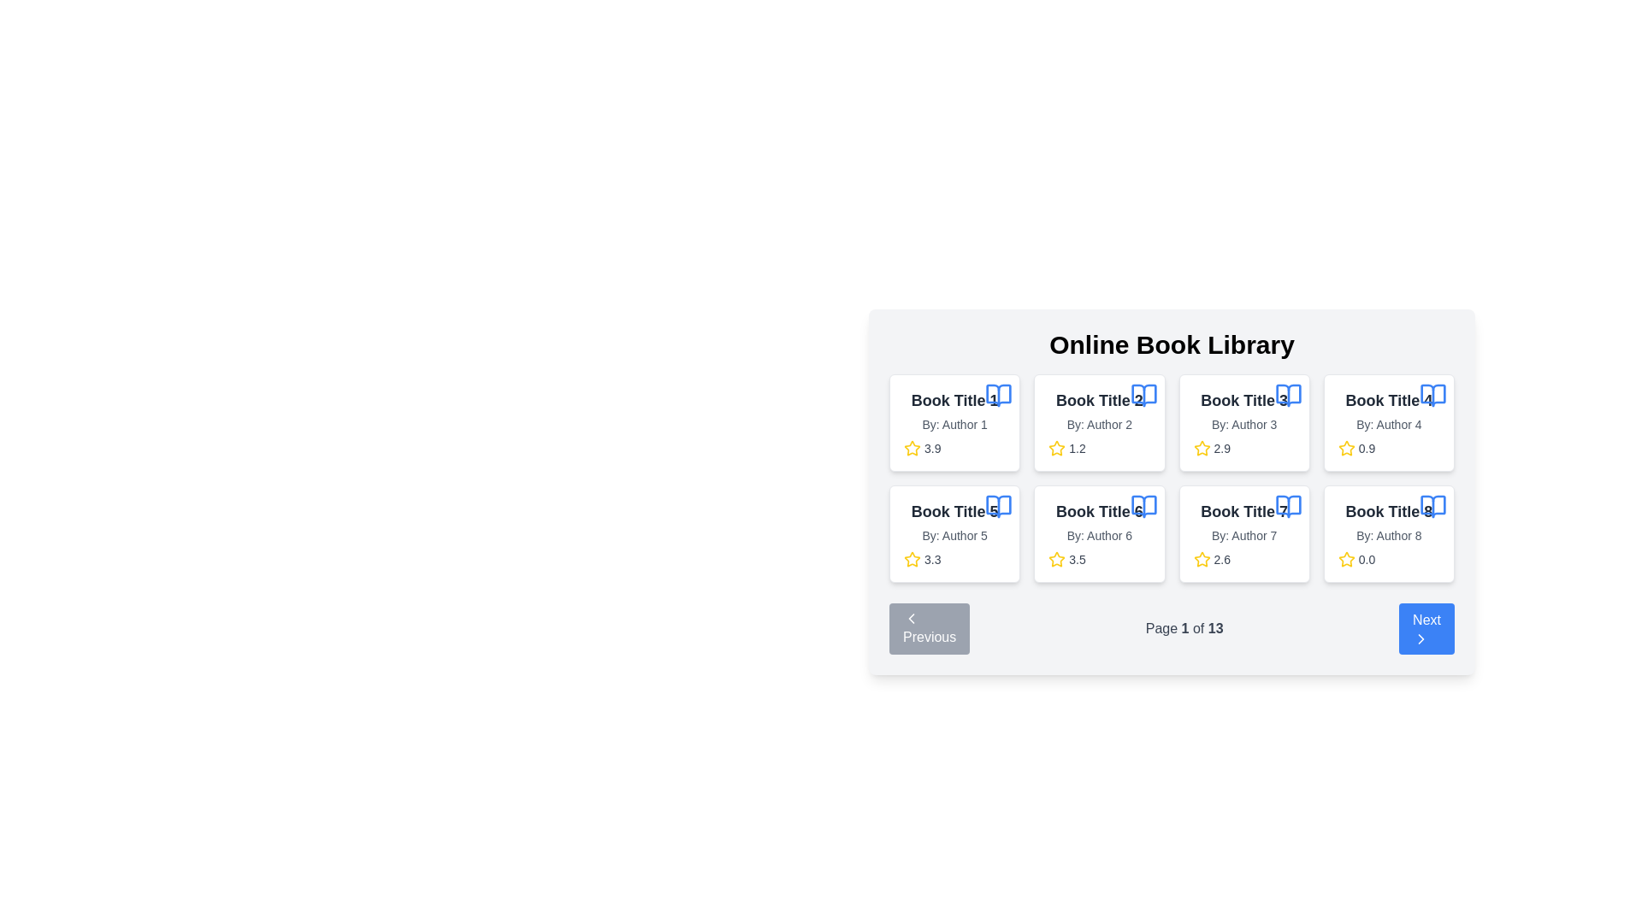 The height and width of the screenshot is (923, 1642). What do you see at coordinates (1389, 510) in the screenshot?
I see `the text label displaying 'Book Title 8' in the bottom-right book card of the 'Online Book Library' interface, which is styled with a bold font and dark gray color` at bounding box center [1389, 510].